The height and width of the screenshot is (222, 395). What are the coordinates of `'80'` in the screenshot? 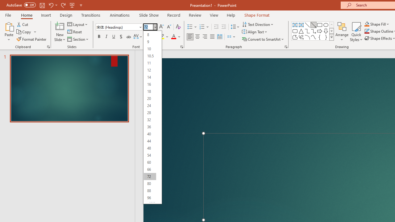 It's located at (150, 183).